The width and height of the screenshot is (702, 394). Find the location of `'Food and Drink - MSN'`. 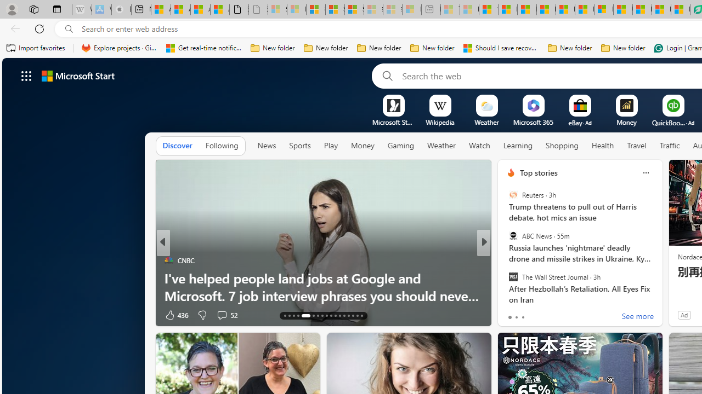

'Food and Drink - MSN' is located at coordinates (507, 9).